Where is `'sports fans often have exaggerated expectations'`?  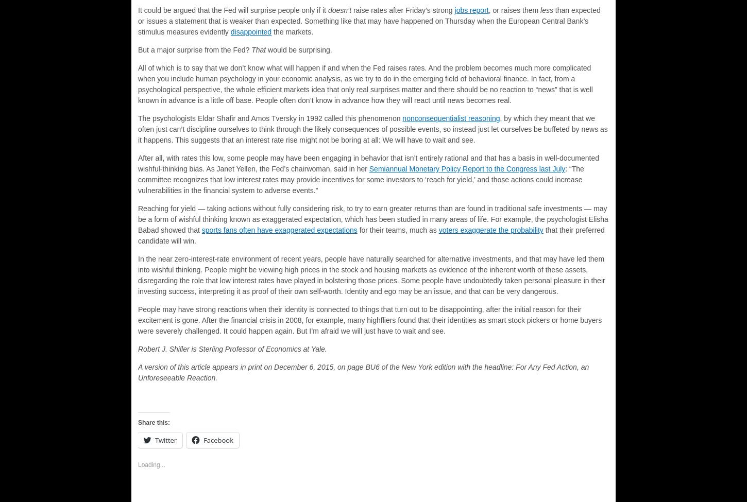
'sports fans often have exaggerated expectations' is located at coordinates (279, 230).